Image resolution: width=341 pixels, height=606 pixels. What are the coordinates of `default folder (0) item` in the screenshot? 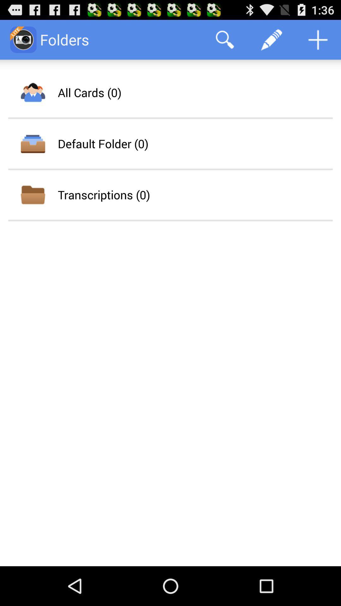 It's located at (103, 143).